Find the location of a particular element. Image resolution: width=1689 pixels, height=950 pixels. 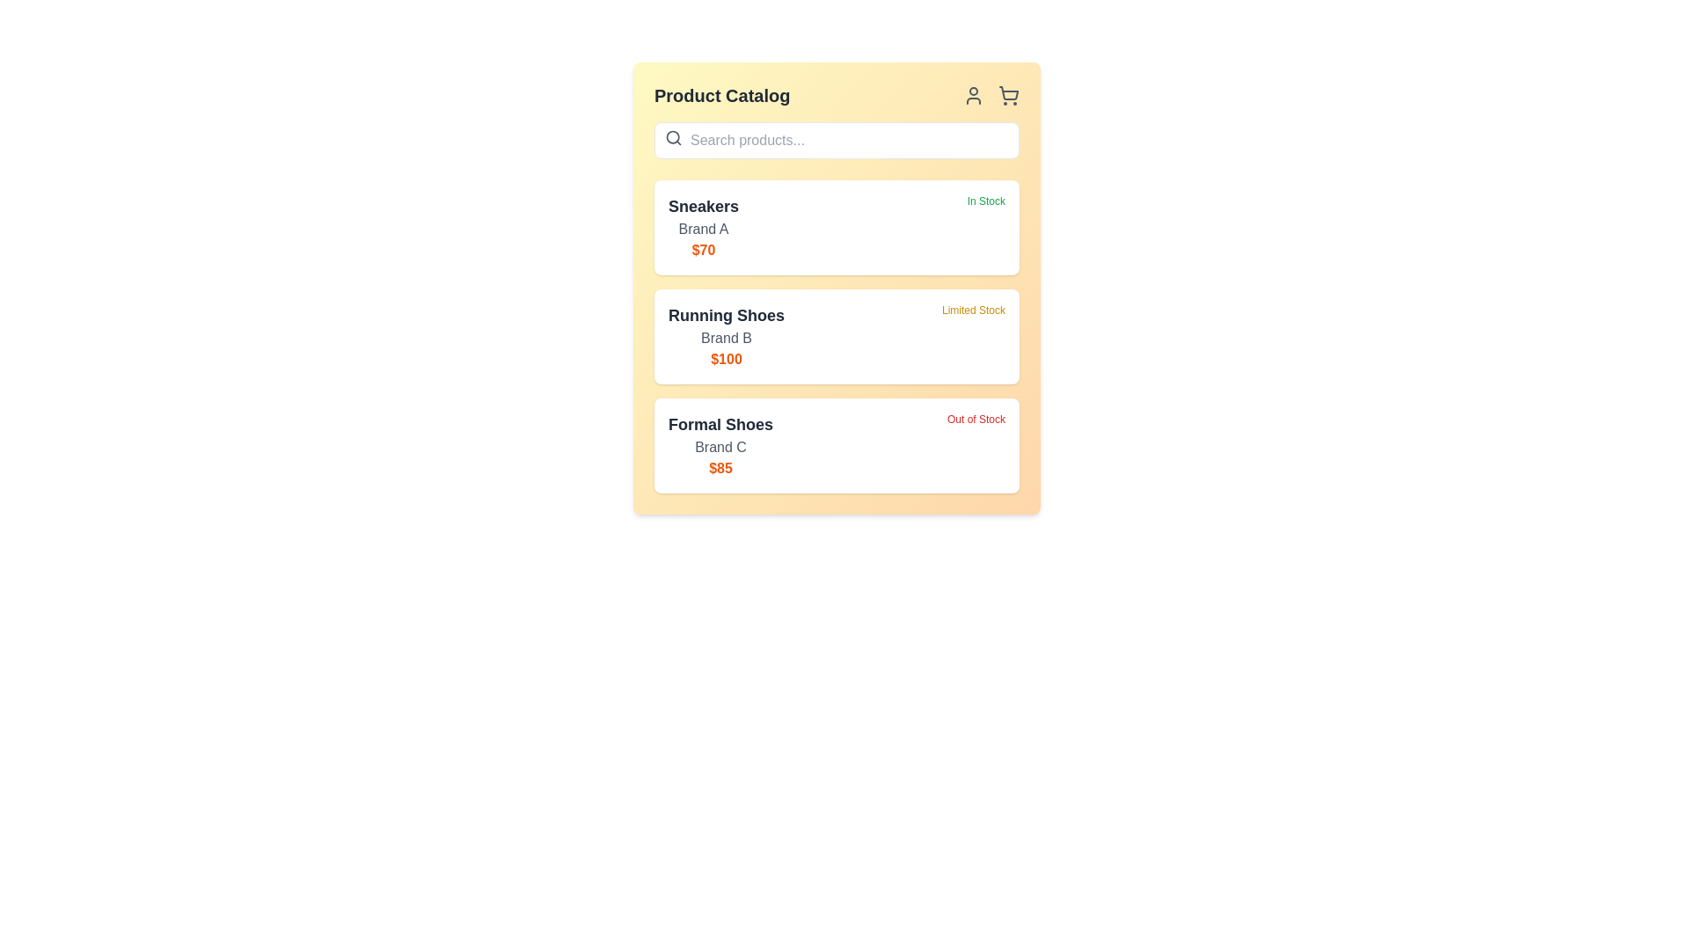

the shopping cart icon located in the top-right corner of the header bar is located at coordinates (1009, 93).